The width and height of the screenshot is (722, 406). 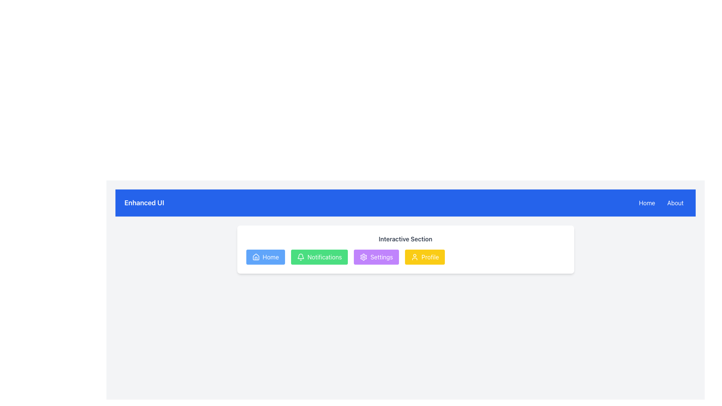 I want to click on the 'Notifications' button which contains the bell icon, located in the second position from the left in the Interactive Section, so click(x=300, y=256).